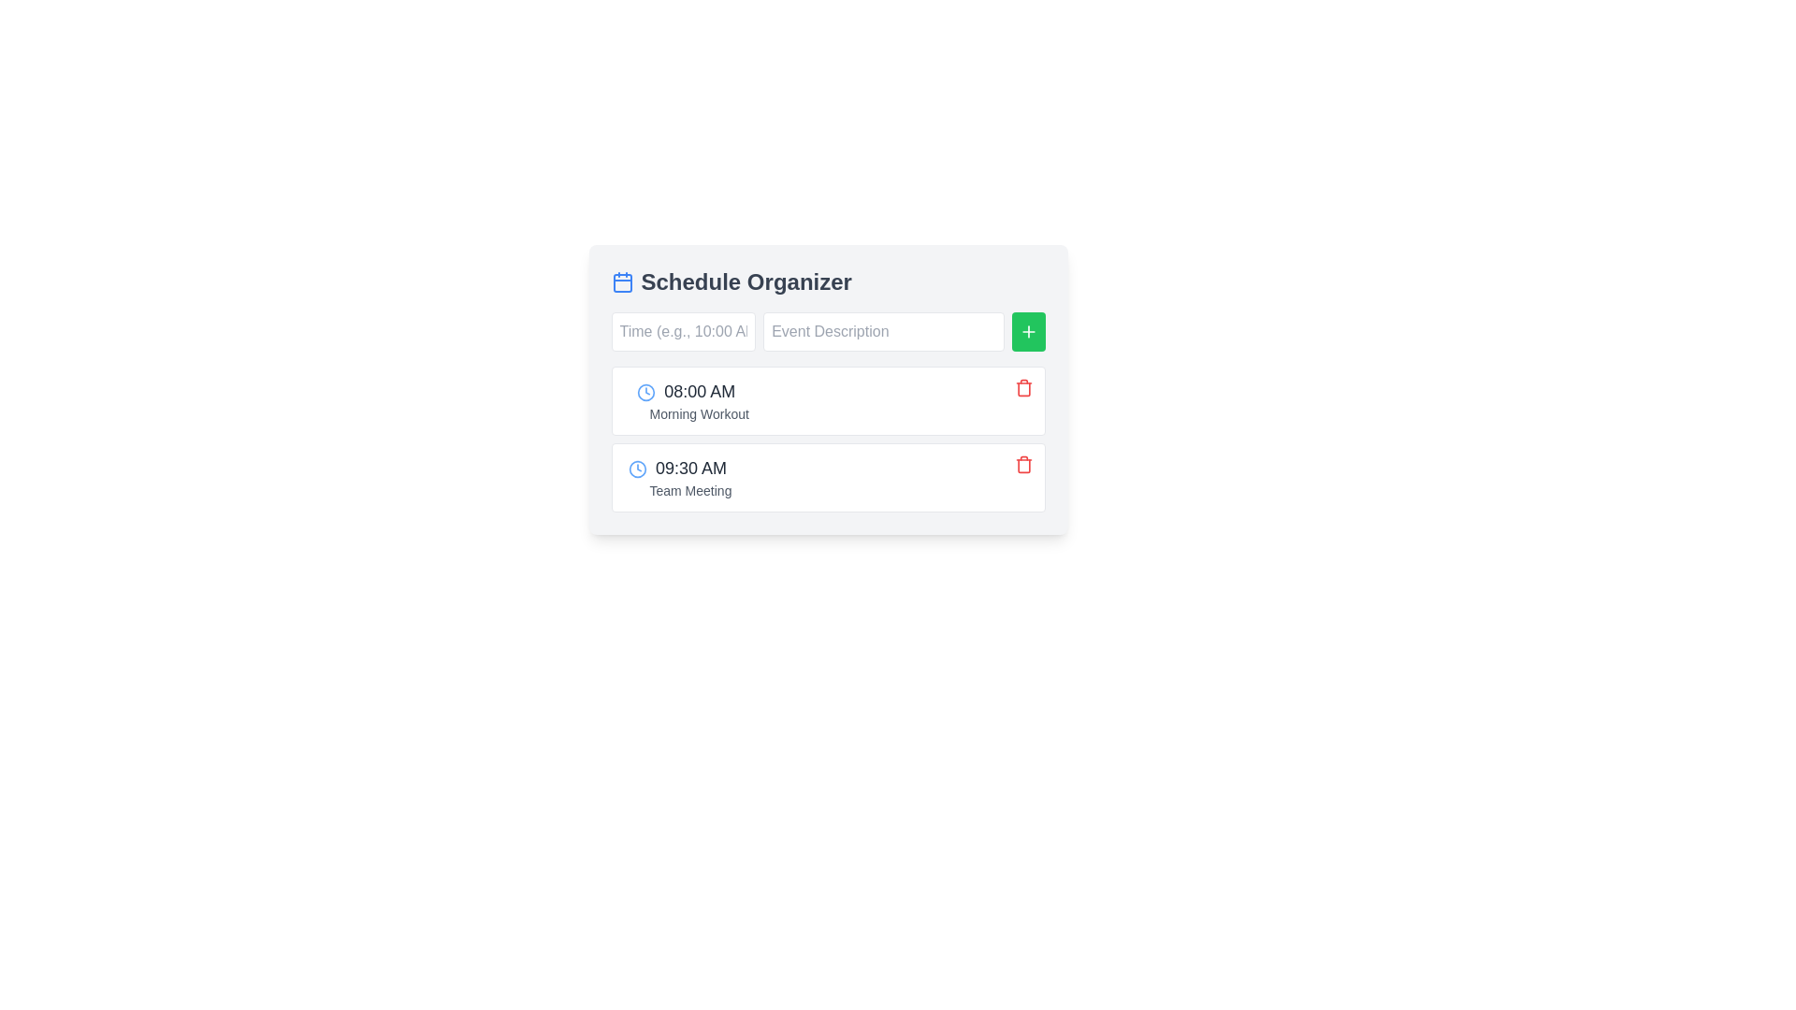 This screenshot has width=1796, height=1010. What do you see at coordinates (827, 476) in the screenshot?
I see `the second event entry in the schedule list, which represents the '09:30 AM Team Meeting'` at bounding box center [827, 476].